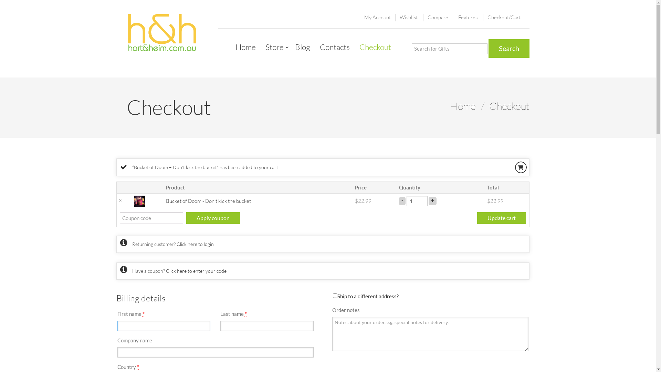  I want to click on 'View cart', so click(521, 167).